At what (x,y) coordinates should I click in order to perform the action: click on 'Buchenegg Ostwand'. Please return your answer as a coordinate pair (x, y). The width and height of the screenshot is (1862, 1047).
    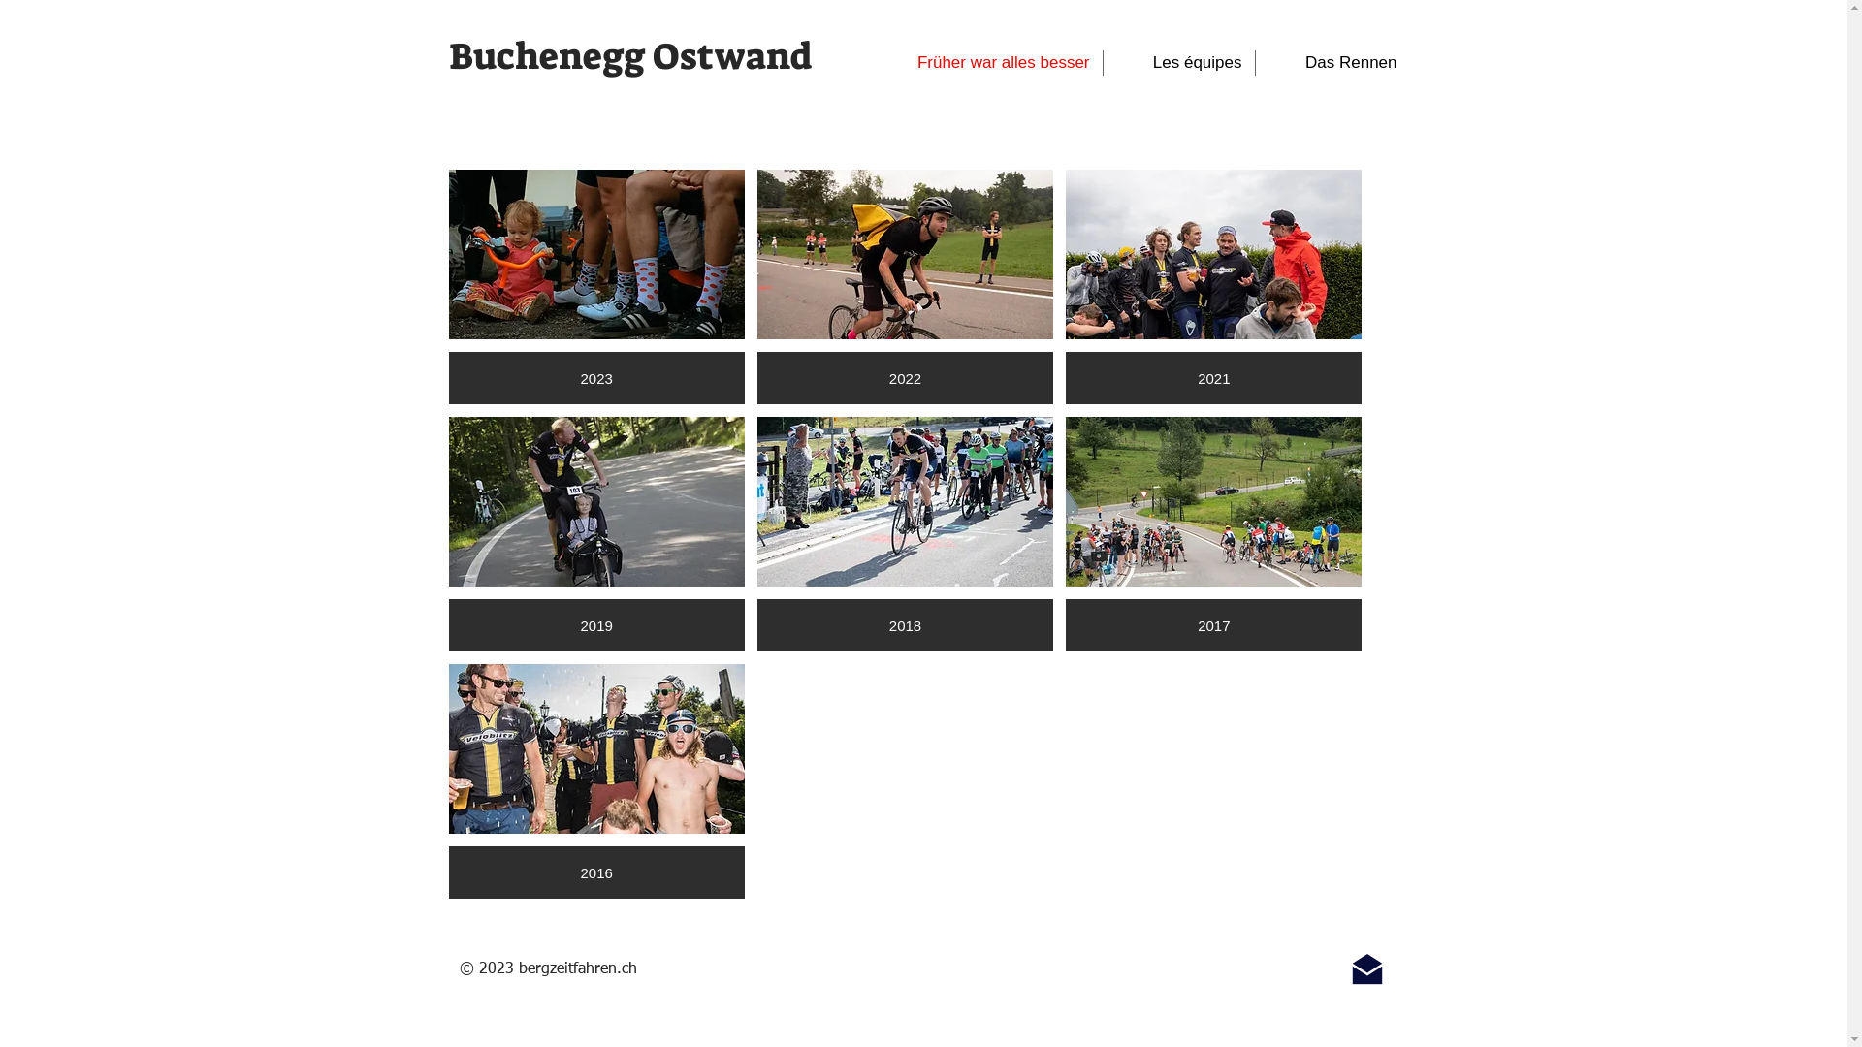
    Looking at the image, I should click on (628, 54).